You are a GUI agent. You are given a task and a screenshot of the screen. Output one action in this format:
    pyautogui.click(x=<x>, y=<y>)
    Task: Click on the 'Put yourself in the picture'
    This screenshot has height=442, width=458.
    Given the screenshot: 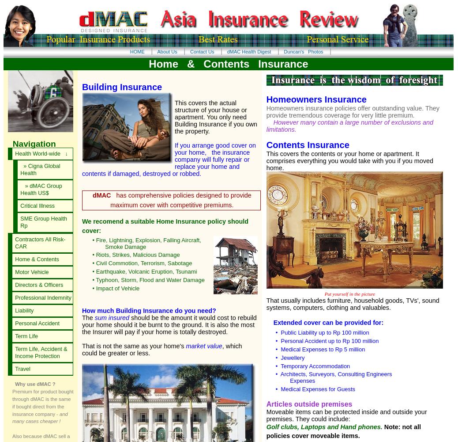 What is the action you would take?
    pyautogui.click(x=320, y=294)
    